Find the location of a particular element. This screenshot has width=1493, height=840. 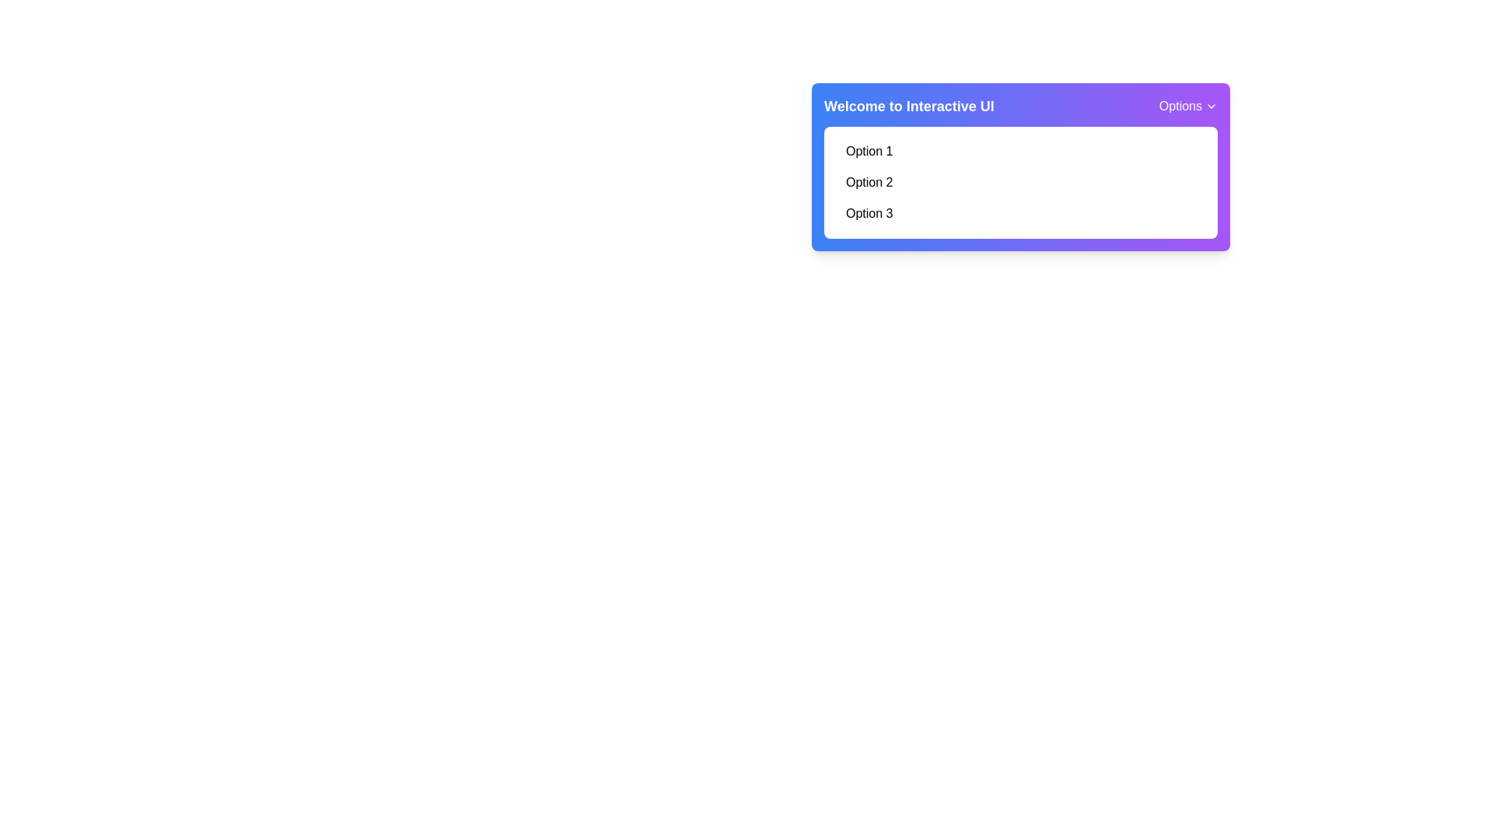

the first selectable option in the dropdown menu located below the title 'Welcome to Interactive UI' is located at coordinates (1021, 152).